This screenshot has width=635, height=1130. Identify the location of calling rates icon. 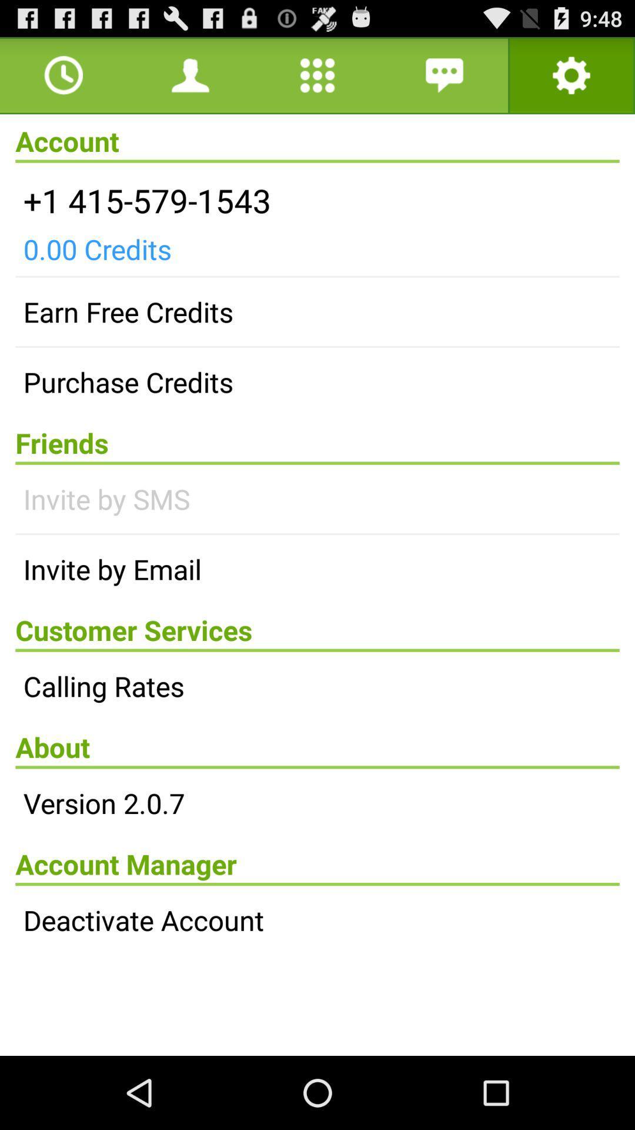
(317, 686).